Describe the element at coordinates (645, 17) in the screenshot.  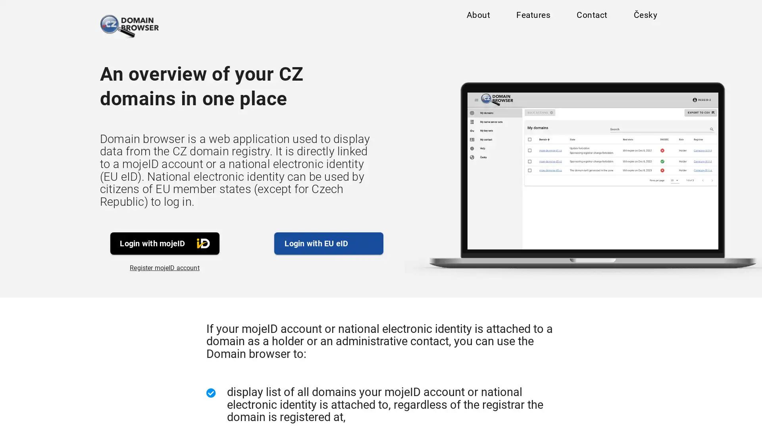
I see `Cesky` at that location.